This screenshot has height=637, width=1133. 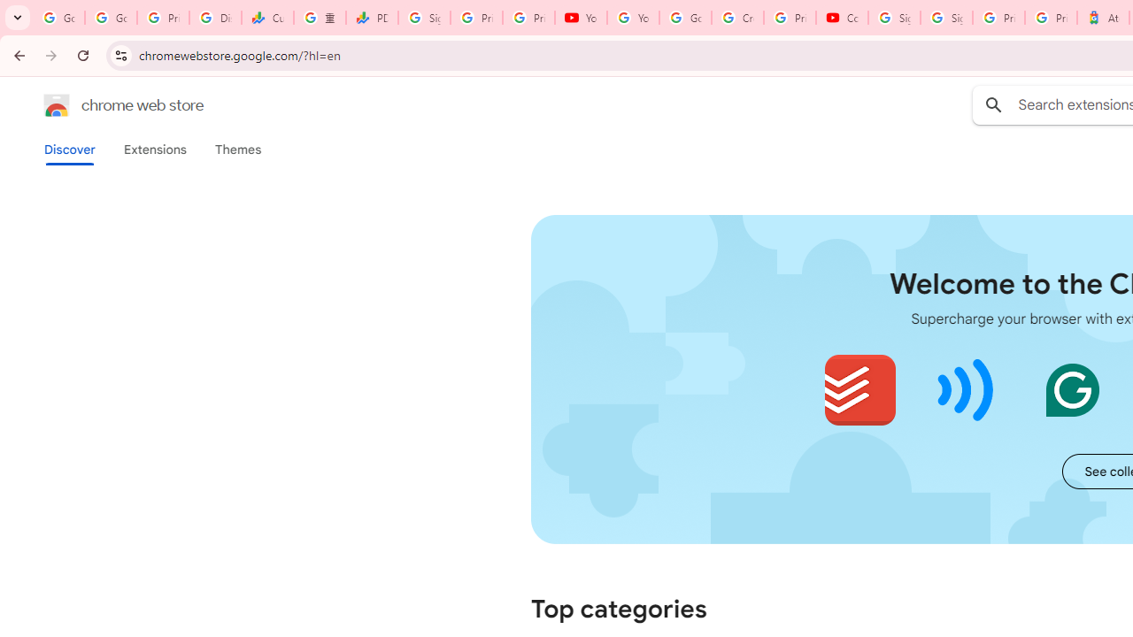 What do you see at coordinates (528, 18) in the screenshot?
I see `'Privacy Checkup'` at bounding box center [528, 18].